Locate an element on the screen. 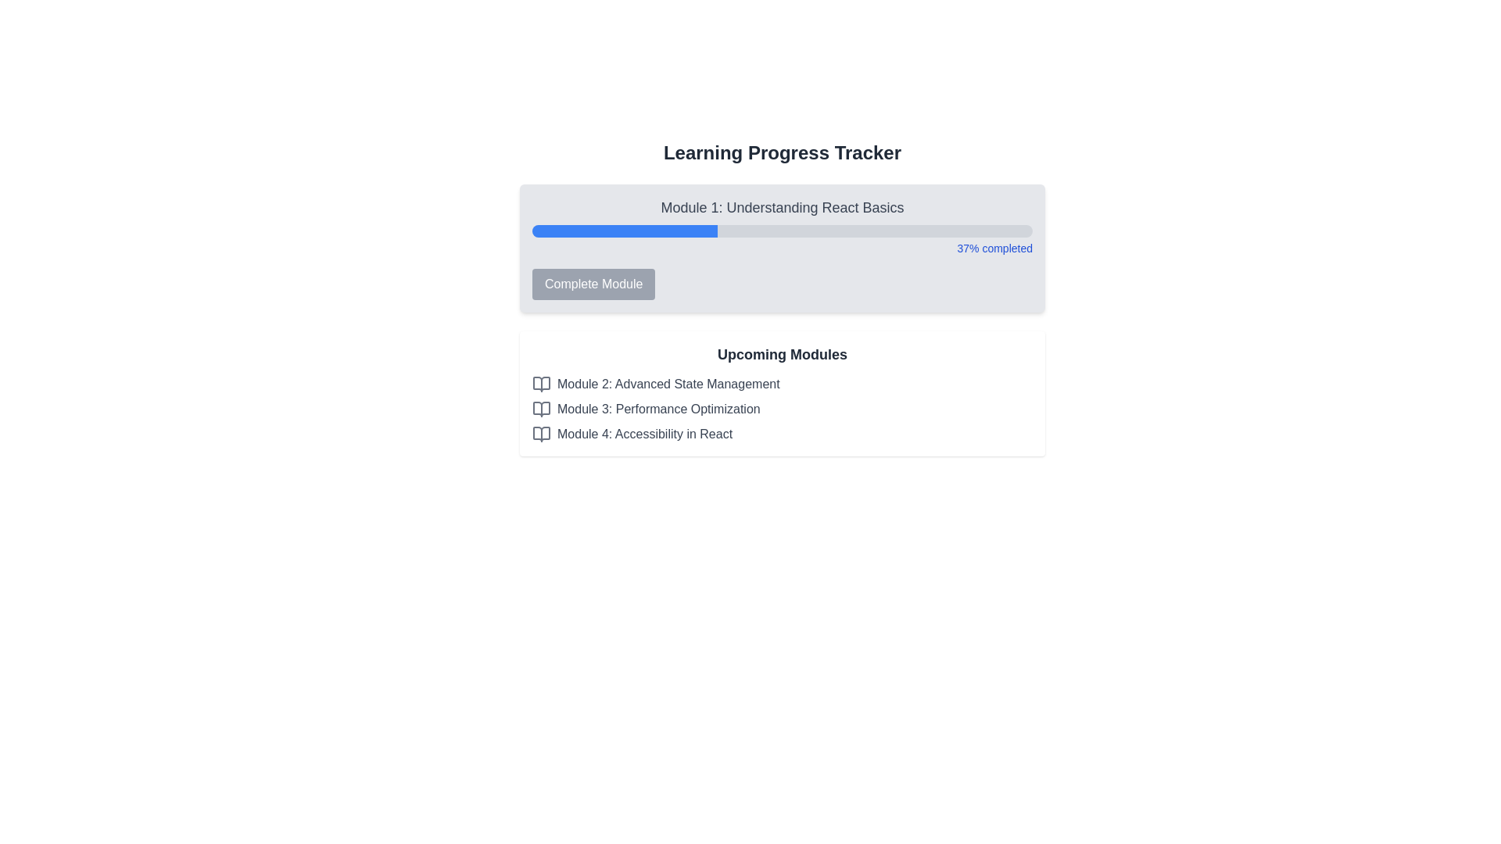 The image size is (1501, 844). the open book icon located in the 'Upcoming Modules' section, adjacent to the text 'Module 2: Advanced State Management' is located at coordinates (541, 384).